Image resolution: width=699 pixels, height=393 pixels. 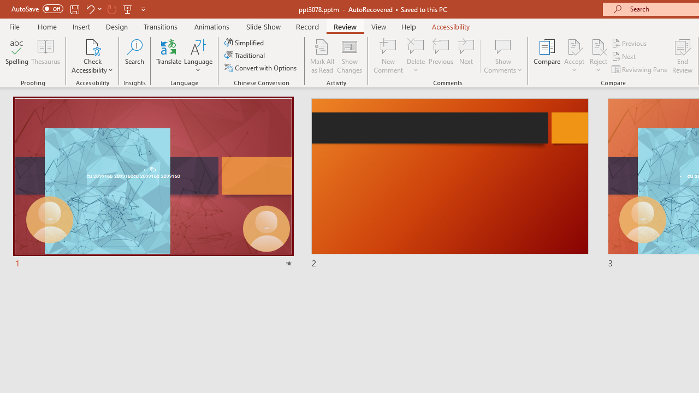 What do you see at coordinates (416, 46) in the screenshot?
I see `'Delete'` at bounding box center [416, 46].